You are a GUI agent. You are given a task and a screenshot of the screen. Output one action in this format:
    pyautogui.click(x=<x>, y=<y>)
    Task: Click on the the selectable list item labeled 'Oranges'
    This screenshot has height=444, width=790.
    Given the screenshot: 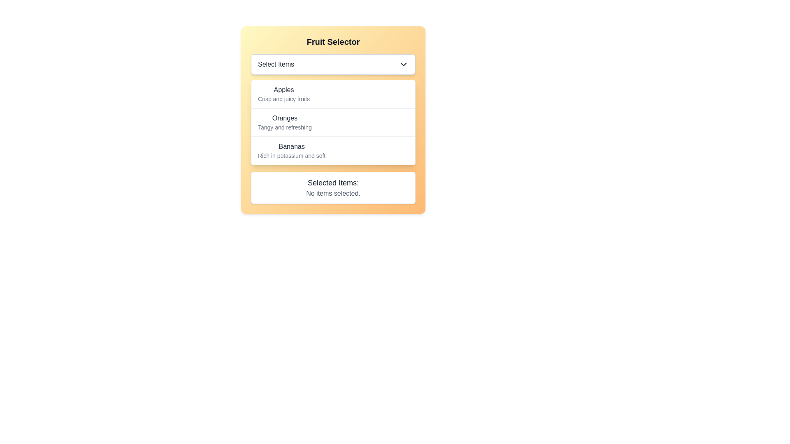 What is the action you would take?
    pyautogui.click(x=333, y=122)
    